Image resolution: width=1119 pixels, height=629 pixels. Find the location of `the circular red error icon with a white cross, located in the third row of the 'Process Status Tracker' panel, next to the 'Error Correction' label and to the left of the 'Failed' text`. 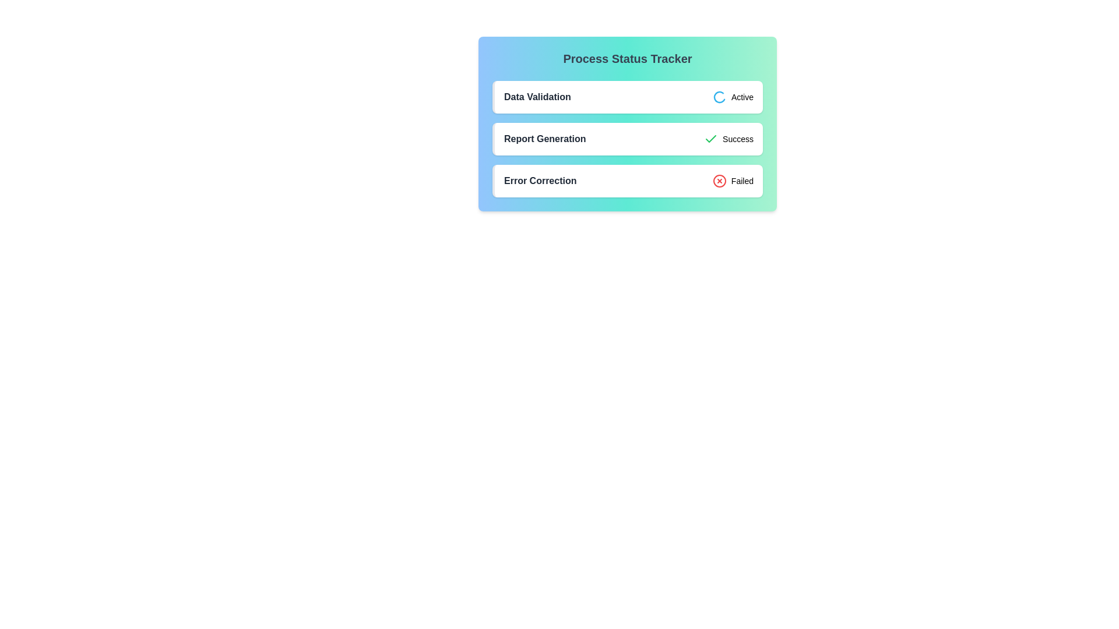

the circular red error icon with a white cross, located in the third row of the 'Process Status Tracker' panel, next to the 'Error Correction' label and to the left of the 'Failed' text is located at coordinates (719, 181).